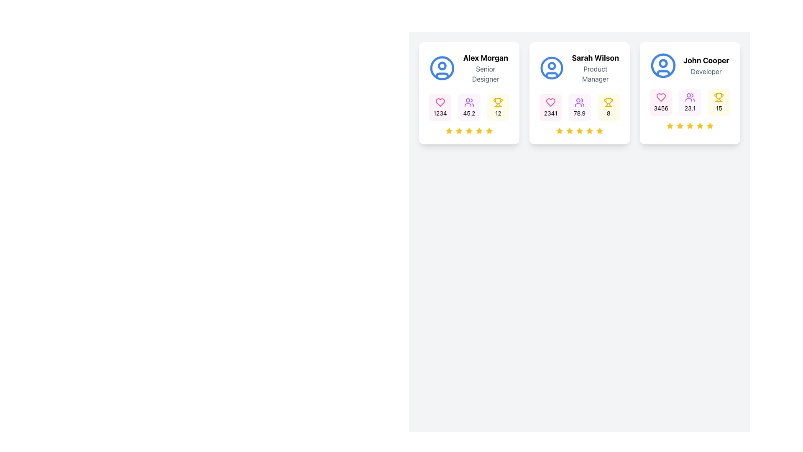  Describe the element at coordinates (552, 67) in the screenshot. I see `the circular outline icon representing the user's avatar, which is prominently displayed at the top of Sarah Wilson's user card` at that location.